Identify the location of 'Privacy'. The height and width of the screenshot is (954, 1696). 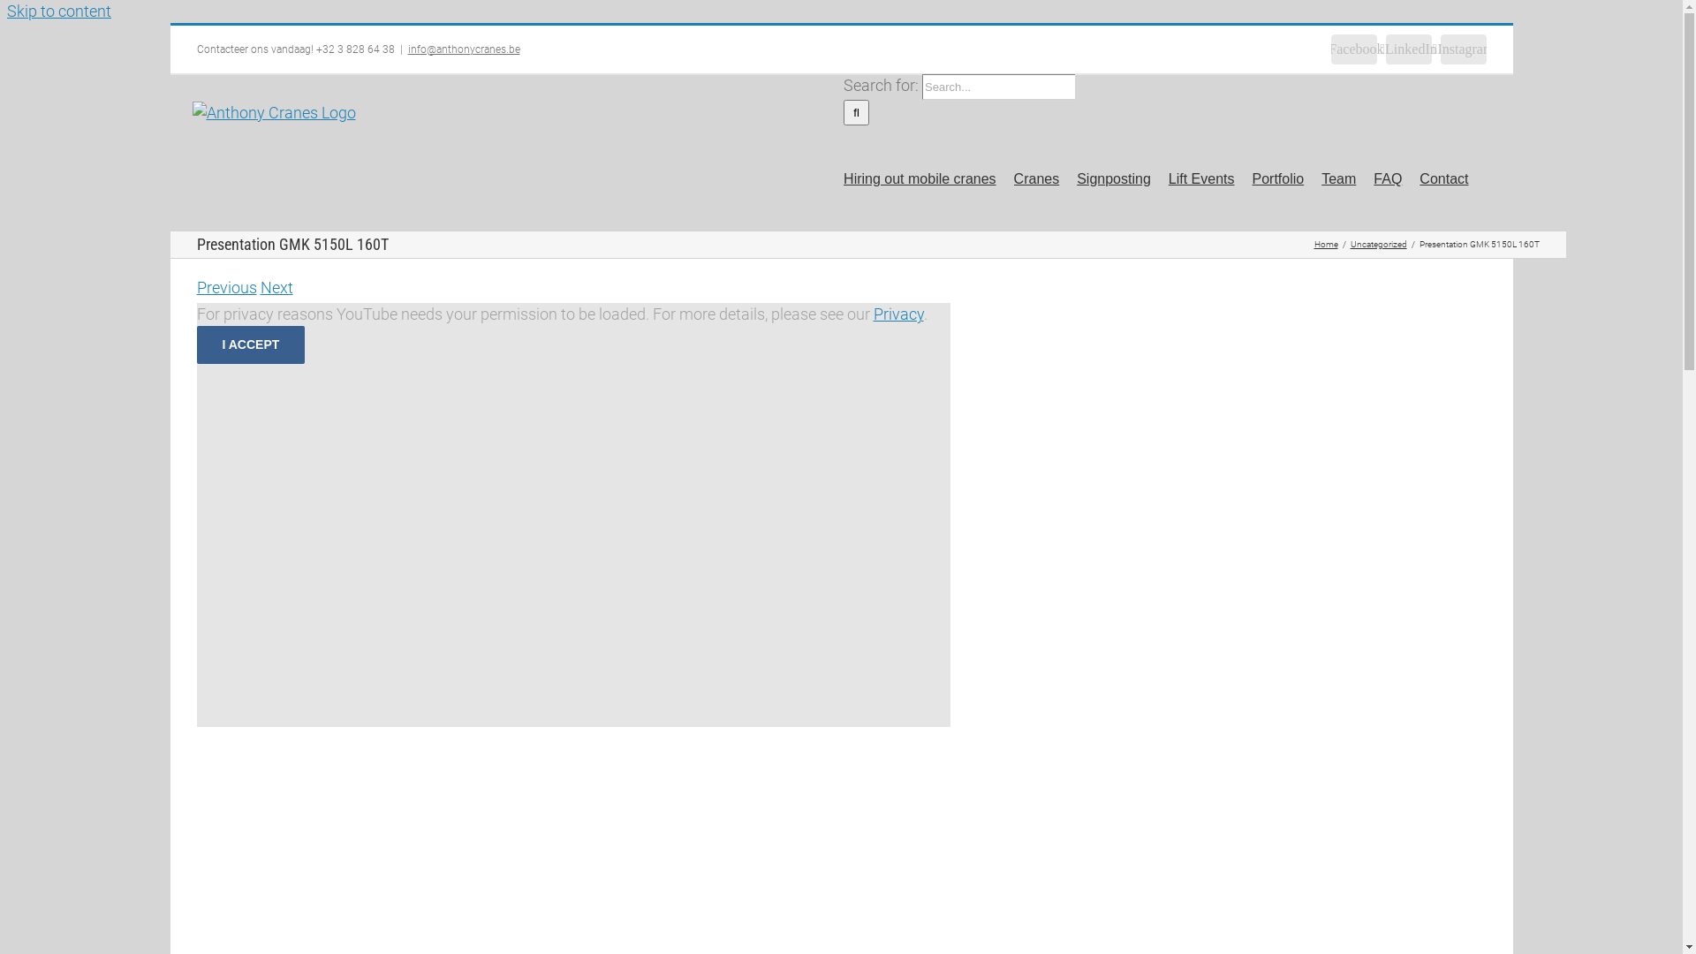
(897, 313).